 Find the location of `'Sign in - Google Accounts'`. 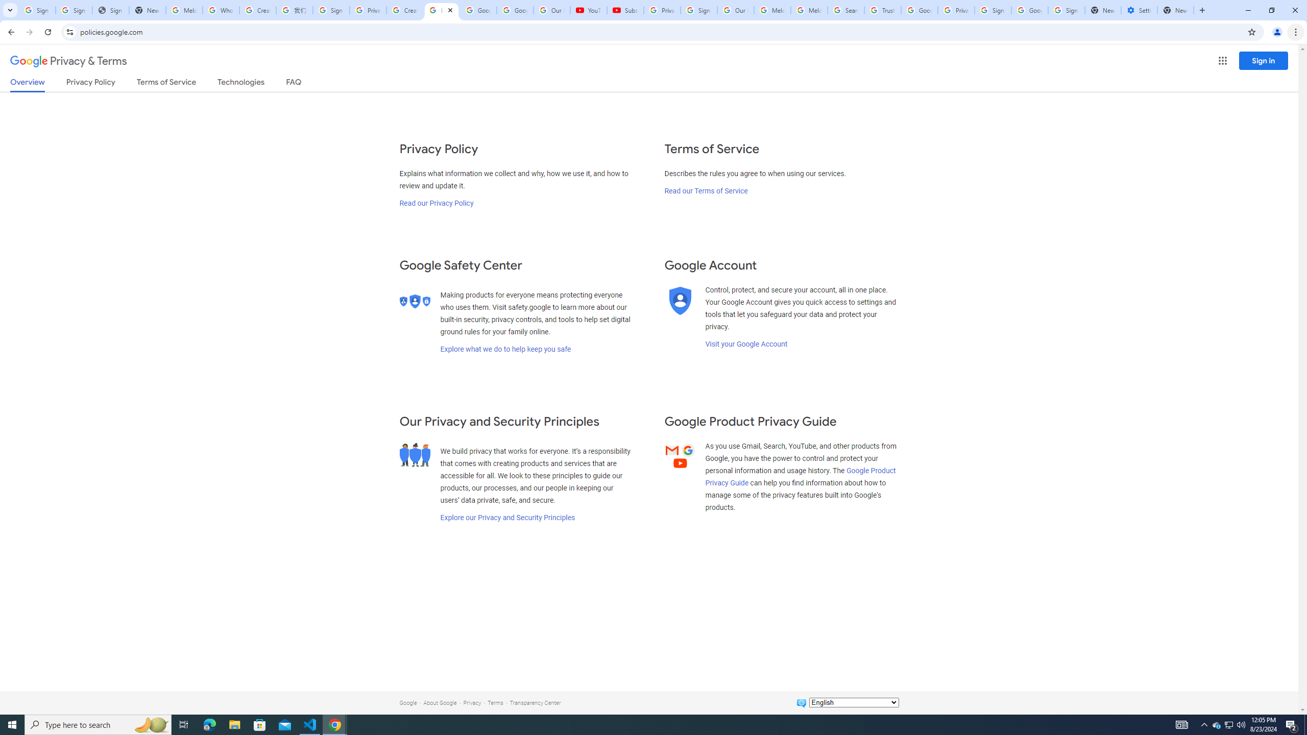

'Sign in - Google Accounts' is located at coordinates (331, 10).